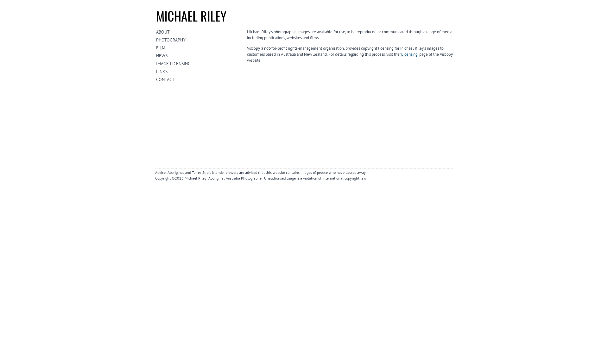 The width and height of the screenshot is (608, 342). What do you see at coordinates (191, 16) in the screenshot?
I see `'MICHAEL RILEY'` at bounding box center [191, 16].